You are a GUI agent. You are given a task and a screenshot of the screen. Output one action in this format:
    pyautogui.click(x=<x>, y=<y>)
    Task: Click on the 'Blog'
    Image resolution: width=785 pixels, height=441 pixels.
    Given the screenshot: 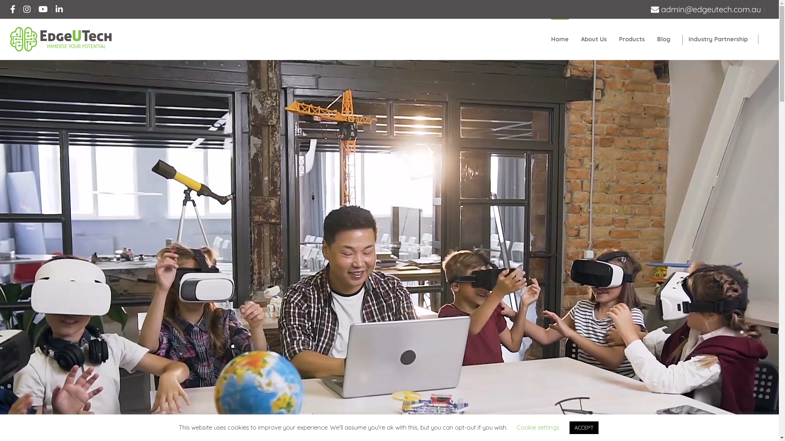 What is the action you would take?
    pyautogui.click(x=663, y=39)
    